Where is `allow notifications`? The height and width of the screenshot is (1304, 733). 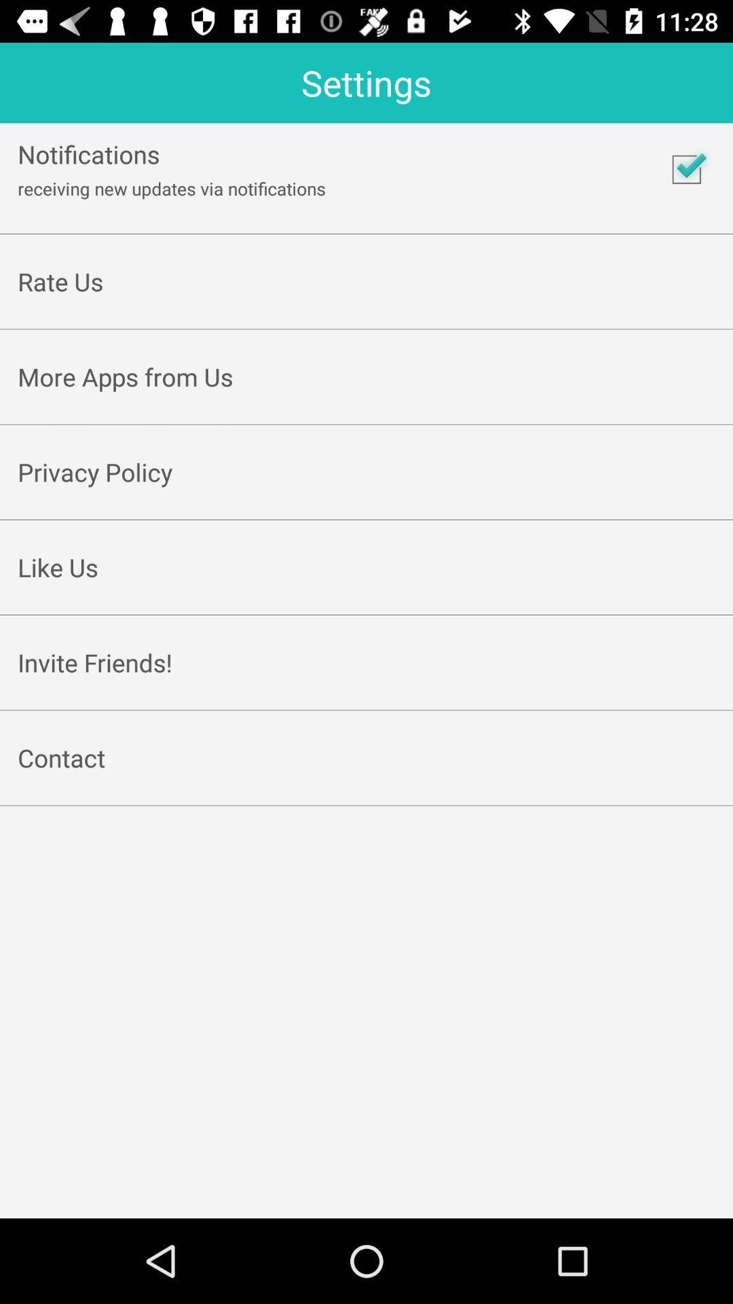
allow notifications is located at coordinates (686, 168).